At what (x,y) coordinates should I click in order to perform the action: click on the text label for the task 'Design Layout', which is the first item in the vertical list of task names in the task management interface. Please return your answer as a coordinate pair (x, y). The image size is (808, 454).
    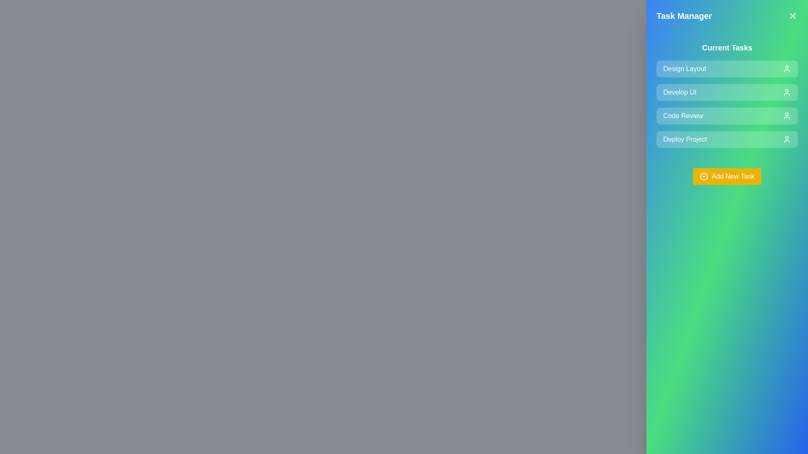
    Looking at the image, I should click on (685, 69).